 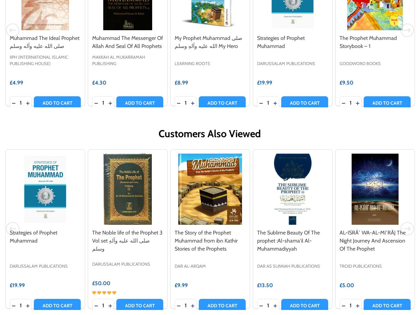 I want to click on '£13.50', so click(x=265, y=284).